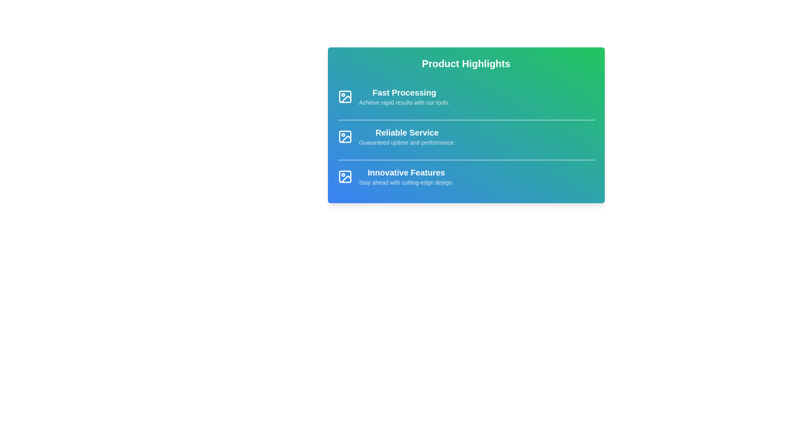 The image size is (791, 445). What do you see at coordinates (466, 63) in the screenshot?
I see `the 'Product Highlights' label, which is a bold white text centered at the top of a card layout with a gradient background` at bounding box center [466, 63].